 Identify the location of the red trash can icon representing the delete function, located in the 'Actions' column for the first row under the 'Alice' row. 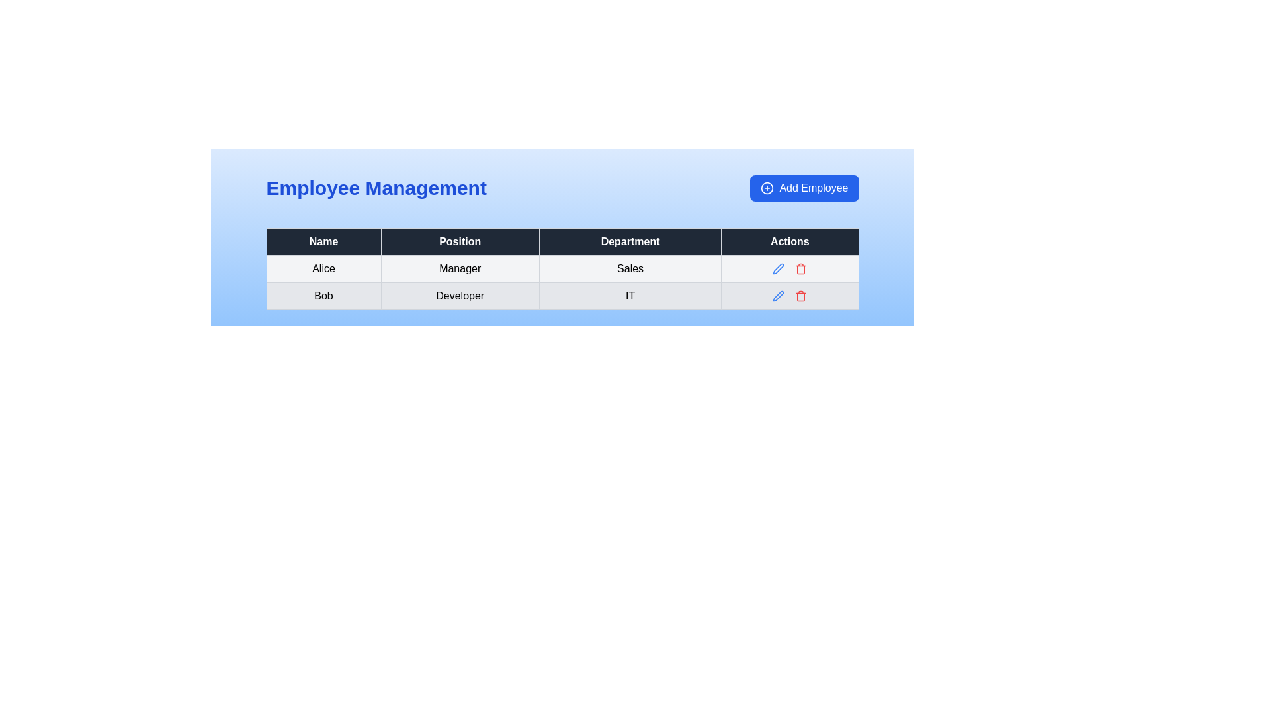
(800, 268).